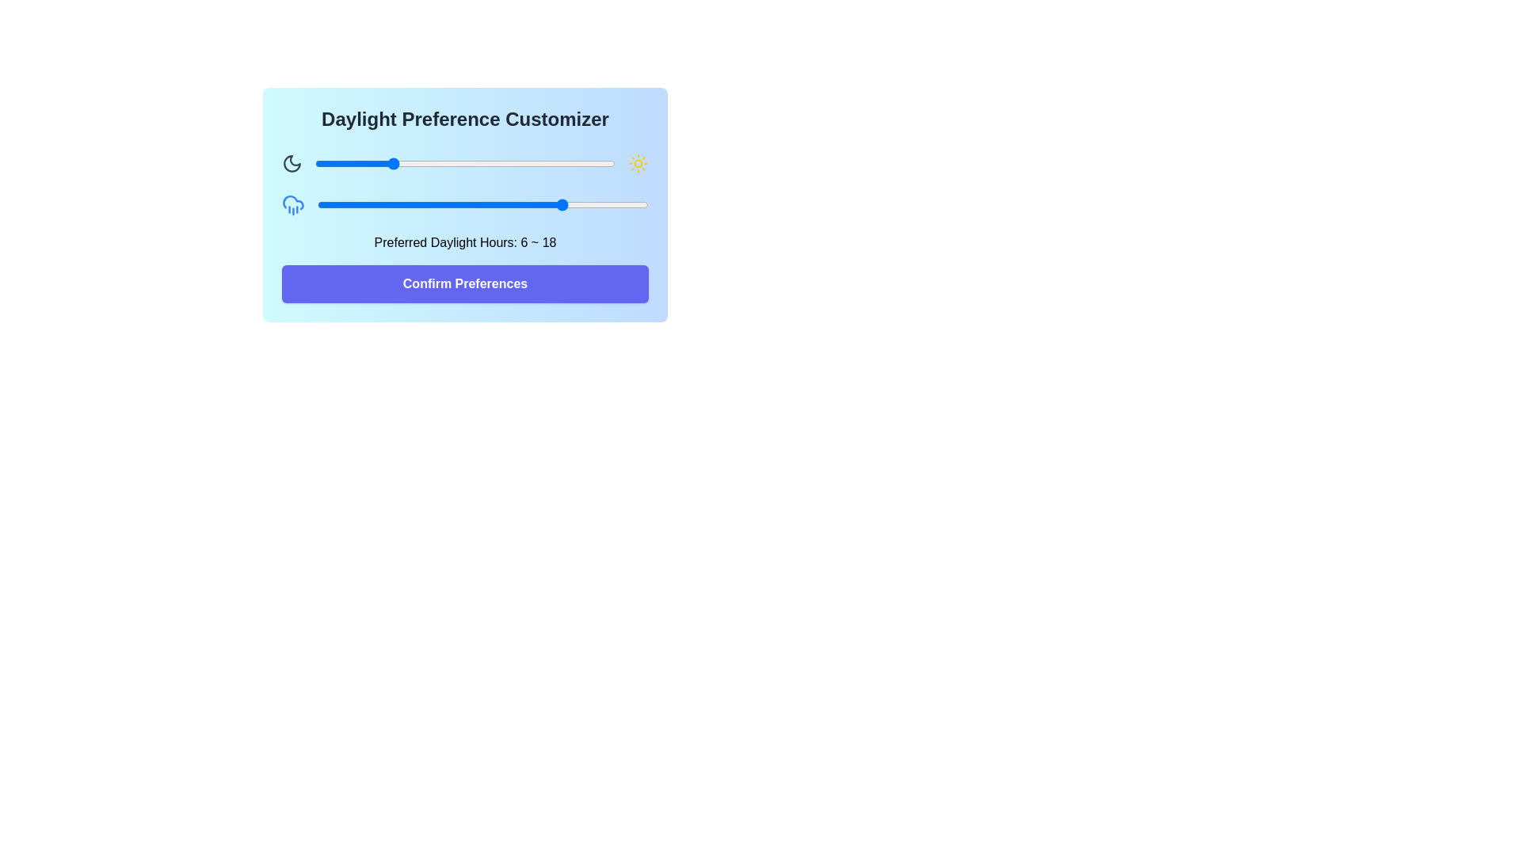  I want to click on the slider thumb of the 'Daylight Preference Customizer', so click(464, 164).